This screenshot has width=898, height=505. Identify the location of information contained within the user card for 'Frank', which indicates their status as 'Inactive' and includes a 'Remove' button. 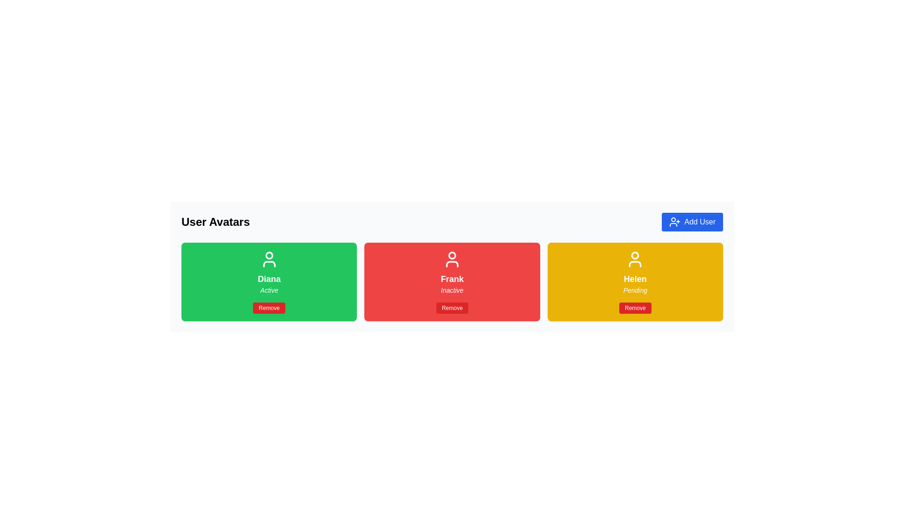
(452, 281).